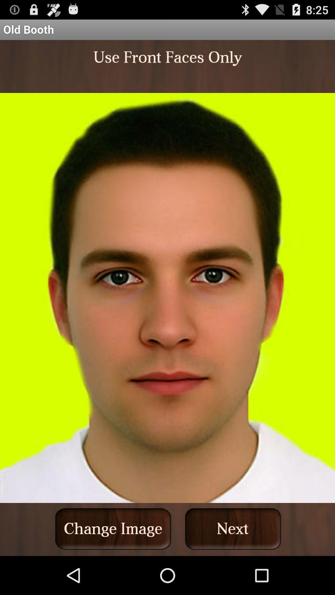  I want to click on the next button, so click(233, 528).